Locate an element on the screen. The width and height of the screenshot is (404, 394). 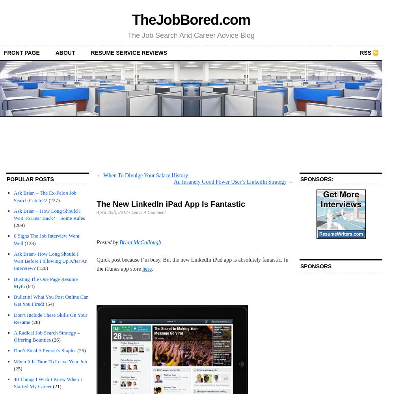
'about' is located at coordinates (65, 52).